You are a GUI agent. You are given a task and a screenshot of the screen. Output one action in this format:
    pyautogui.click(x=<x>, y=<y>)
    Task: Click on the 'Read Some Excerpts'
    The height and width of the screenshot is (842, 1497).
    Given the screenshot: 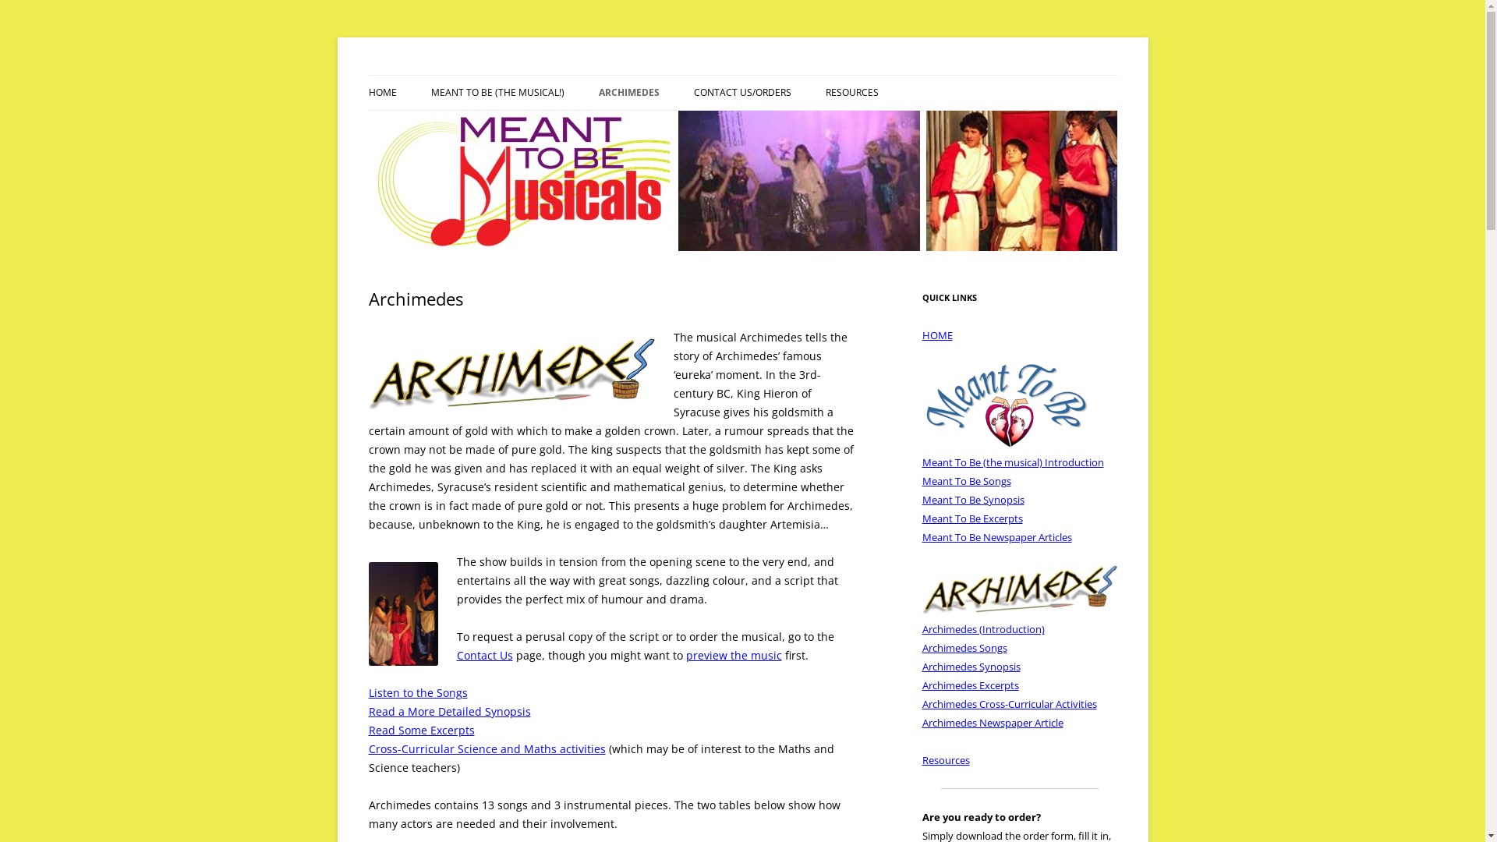 What is the action you would take?
    pyautogui.click(x=366, y=730)
    